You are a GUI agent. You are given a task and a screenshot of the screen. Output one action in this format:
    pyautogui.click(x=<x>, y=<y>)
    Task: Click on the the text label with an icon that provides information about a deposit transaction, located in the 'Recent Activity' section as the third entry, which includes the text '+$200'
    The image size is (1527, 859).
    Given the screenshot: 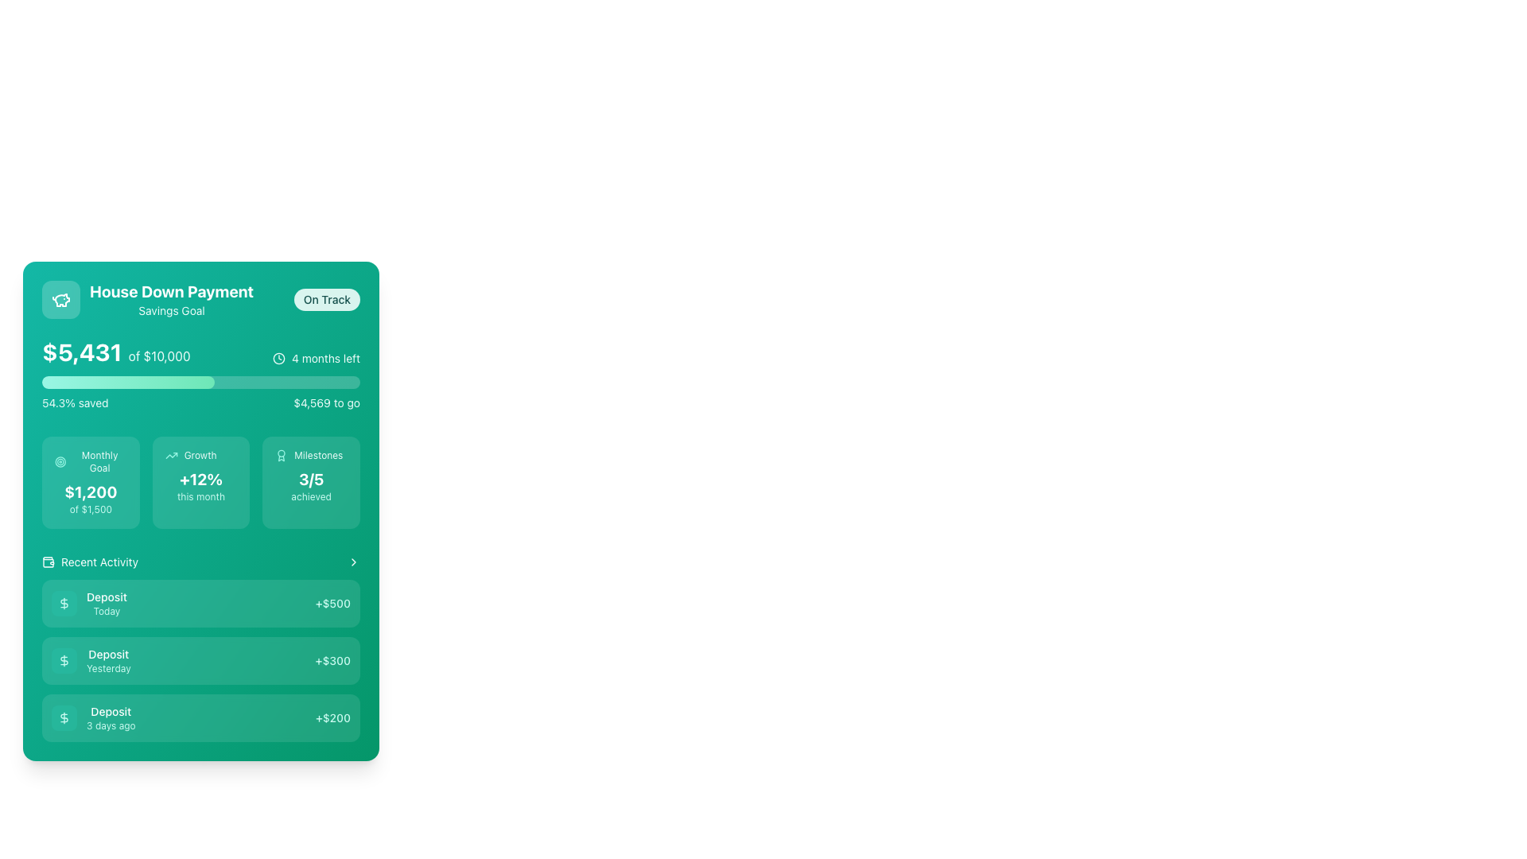 What is the action you would take?
    pyautogui.click(x=92, y=717)
    